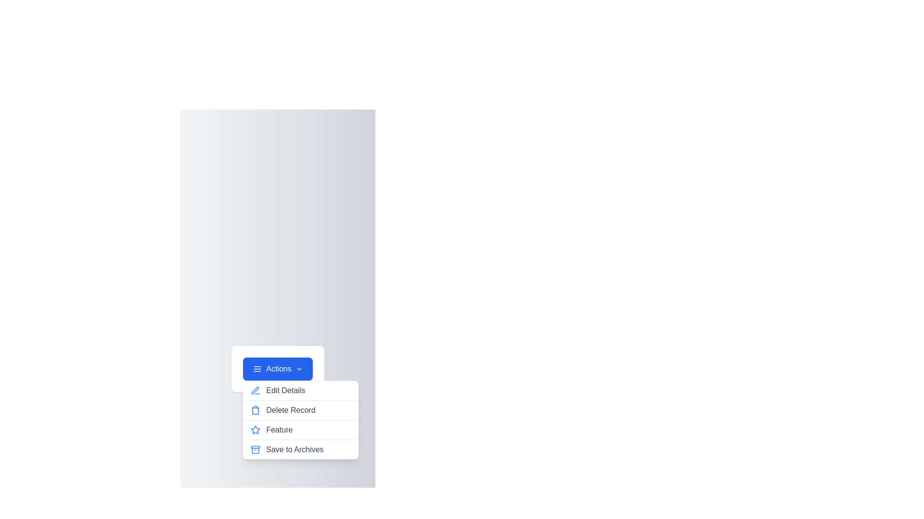 Image resolution: width=924 pixels, height=519 pixels. Describe the element at coordinates (300, 410) in the screenshot. I see `the option Delete Record from the dropdown menu` at that location.